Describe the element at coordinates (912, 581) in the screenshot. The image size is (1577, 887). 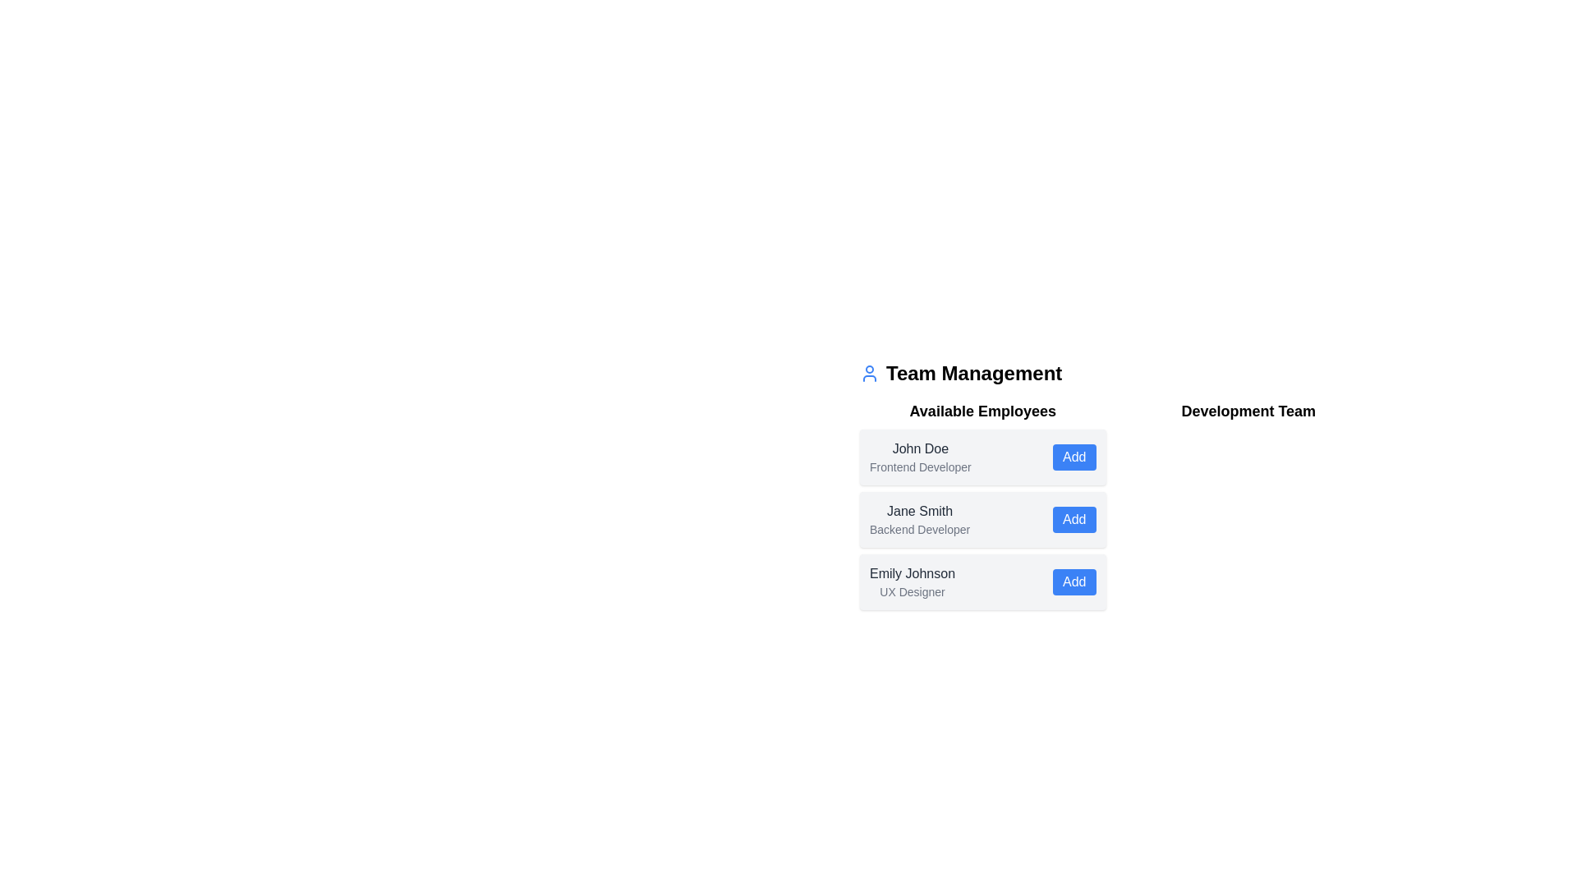
I see `the text label that provides information about an individual's name and role, located in the third row under 'Available Employees' in the left section of the interface` at that location.